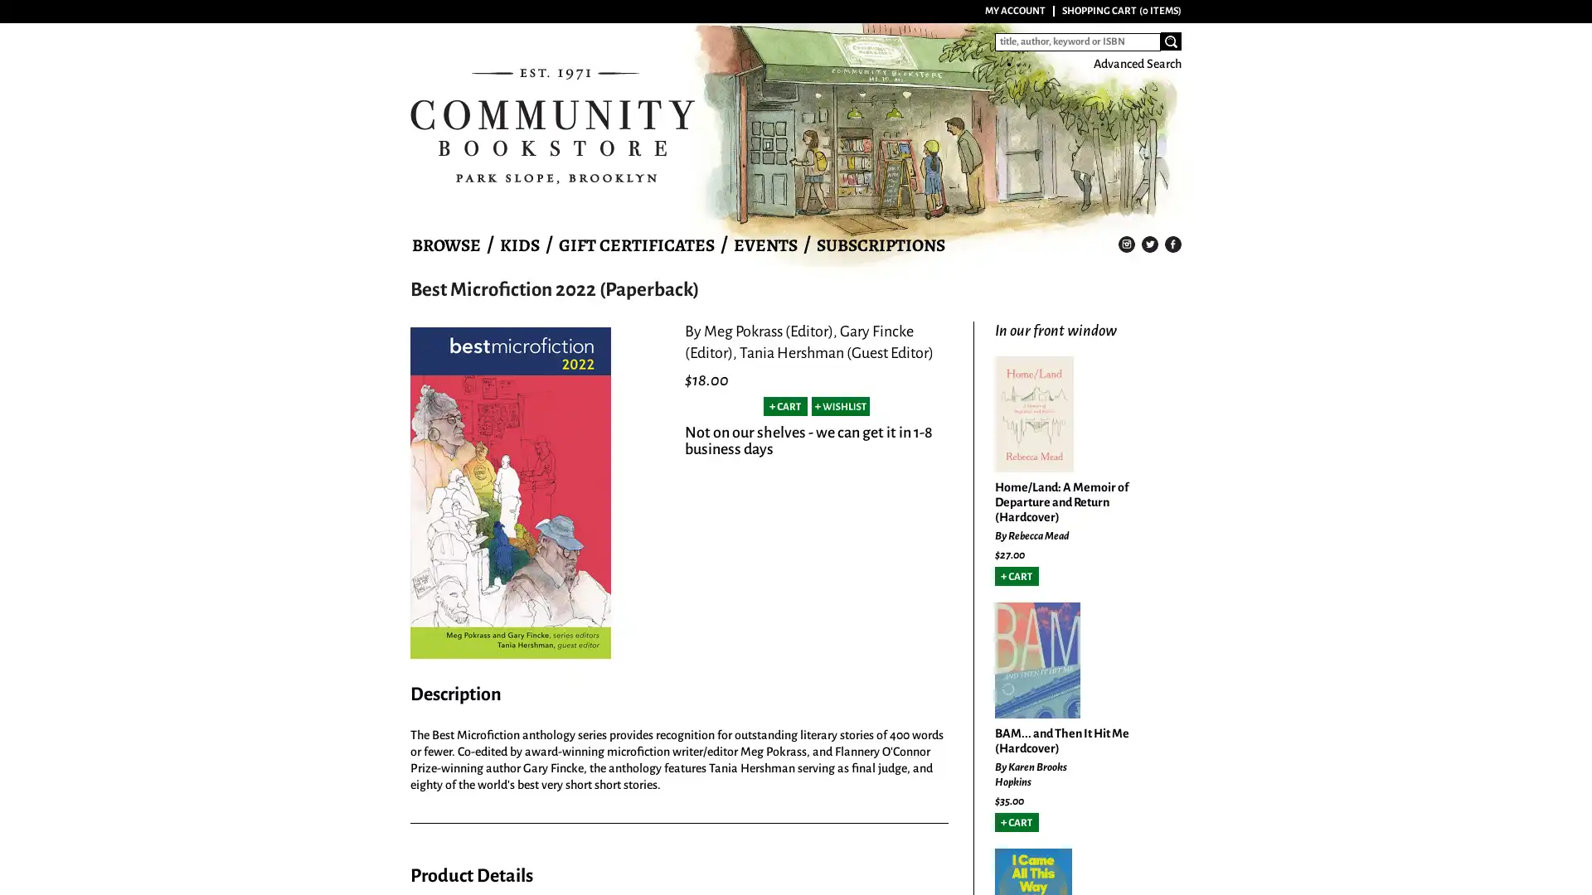 The height and width of the screenshot is (895, 1592). Describe the element at coordinates (1016, 575) in the screenshot. I see `Add to Cart` at that location.